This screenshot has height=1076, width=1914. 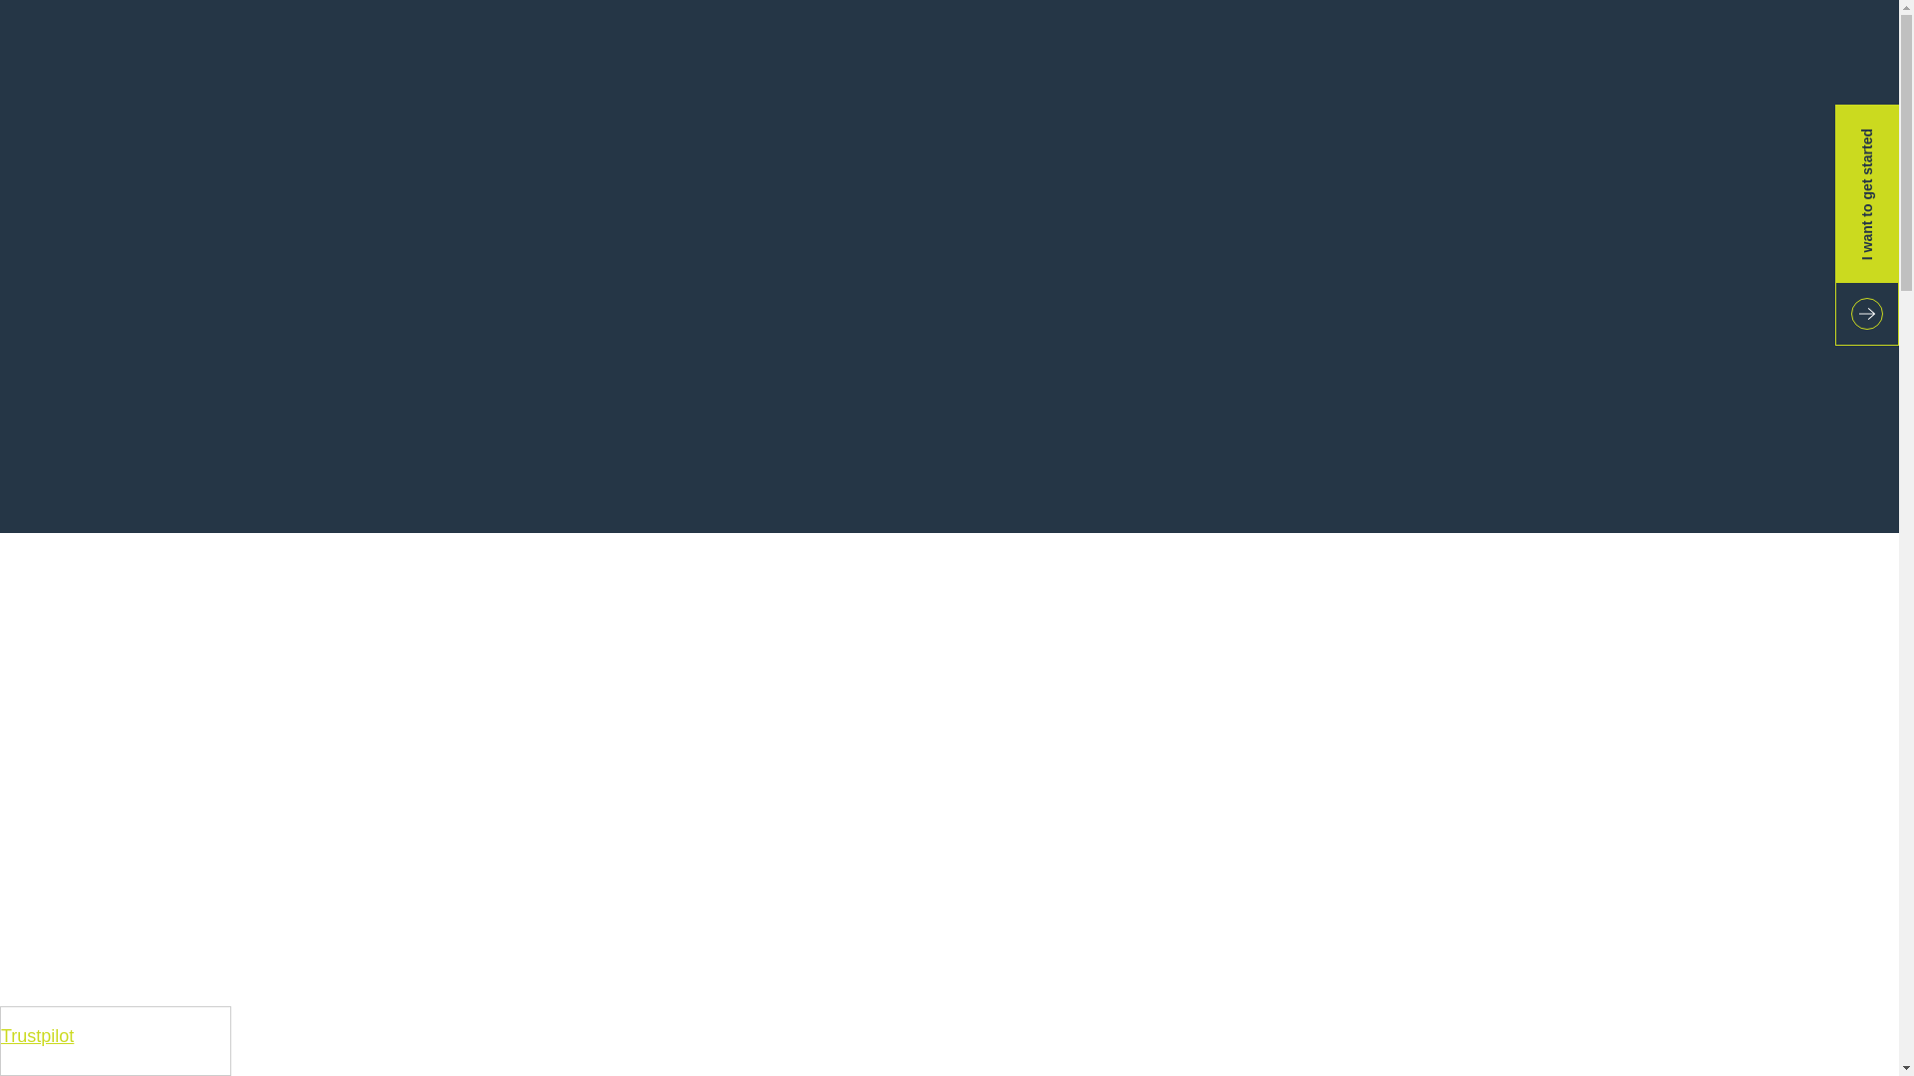 I want to click on 'Trustpilot', so click(x=0, y=1035).